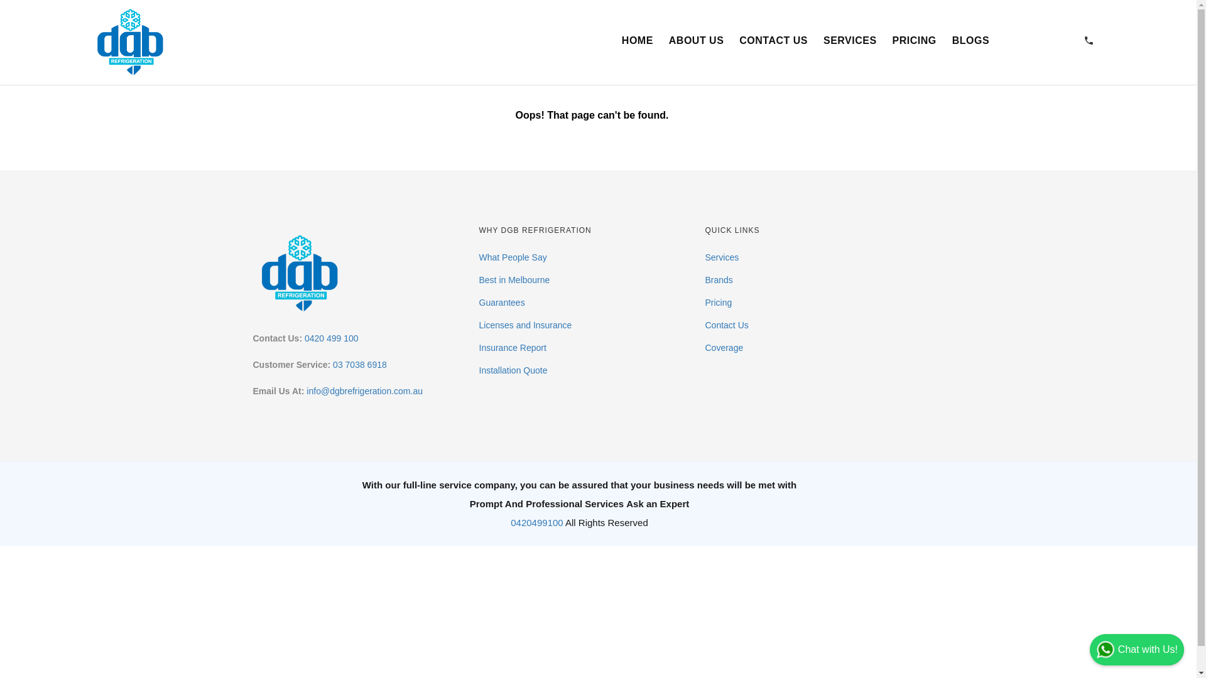 This screenshot has height=678, width=1206. I want to click on 'Brands', so click(718, 279).